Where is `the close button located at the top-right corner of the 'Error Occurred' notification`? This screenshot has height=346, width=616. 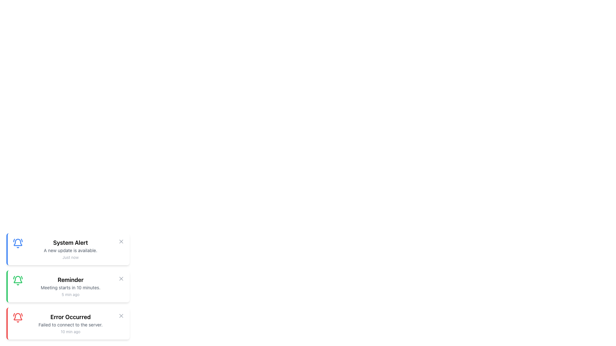 the close button located at the top-right corner of the 'Error Occurred' notification is located at coordinates (121, 316).